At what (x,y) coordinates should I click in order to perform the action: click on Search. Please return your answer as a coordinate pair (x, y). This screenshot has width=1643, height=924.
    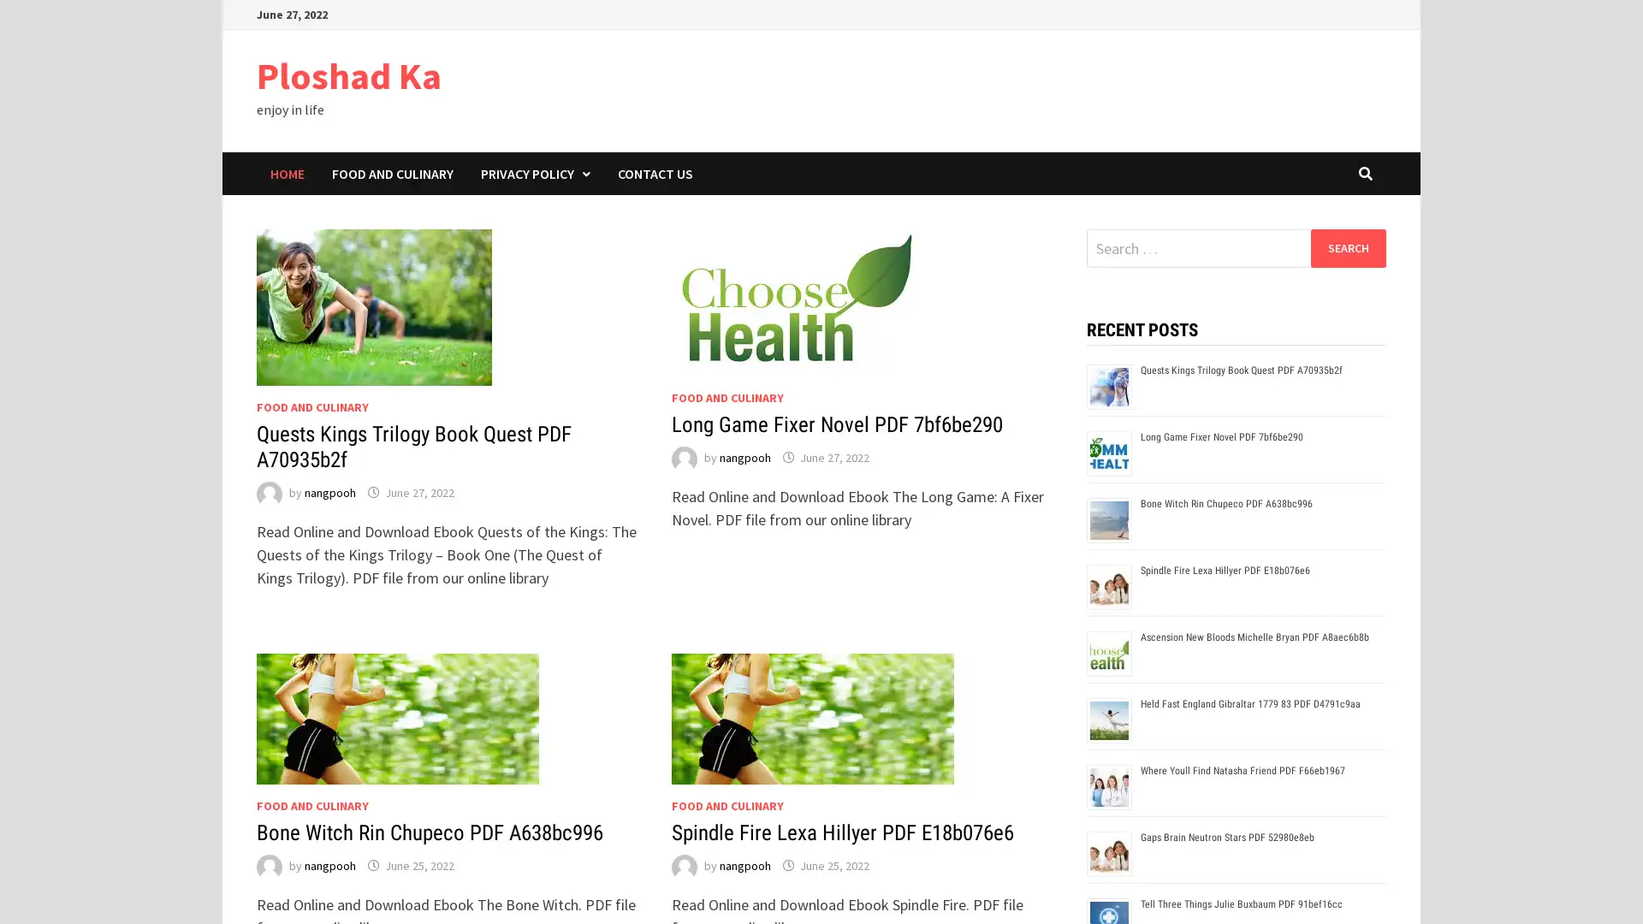
    Looking at the image, I should click on (1347, 247).